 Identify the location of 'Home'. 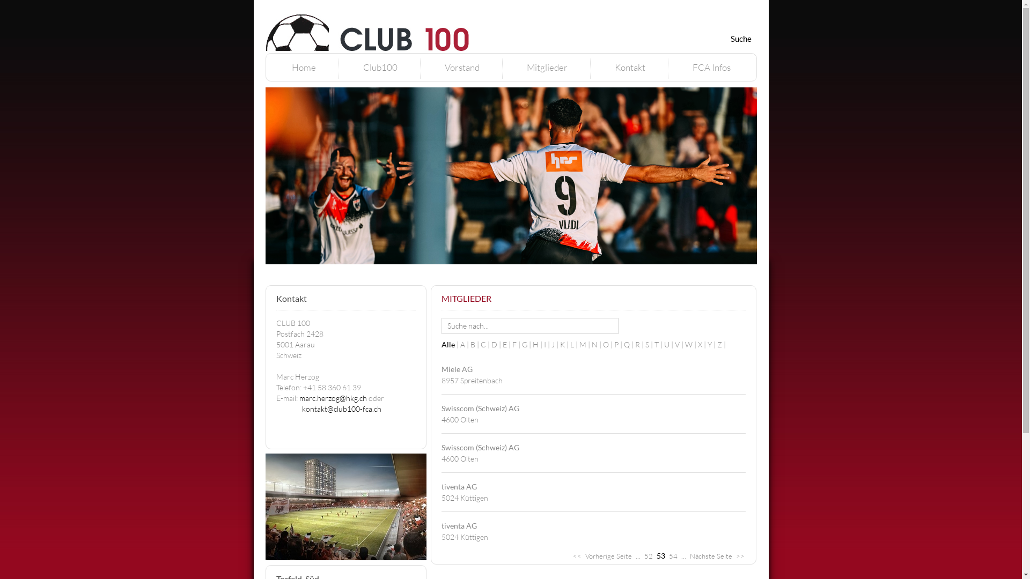
(303, 67).